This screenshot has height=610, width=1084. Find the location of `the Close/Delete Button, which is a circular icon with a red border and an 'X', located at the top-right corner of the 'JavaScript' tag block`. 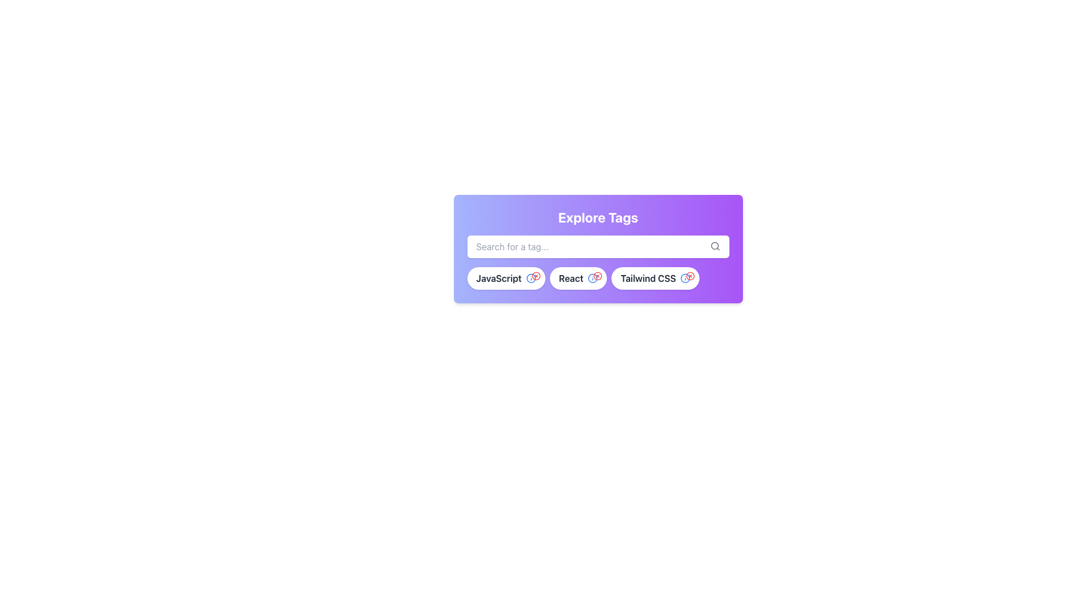

the Close/Delete Button, which is a circular icon with a red border and an 'X', located at the top-right corner of the 'JavaScript' tag block is located at coordinates (536, 276).